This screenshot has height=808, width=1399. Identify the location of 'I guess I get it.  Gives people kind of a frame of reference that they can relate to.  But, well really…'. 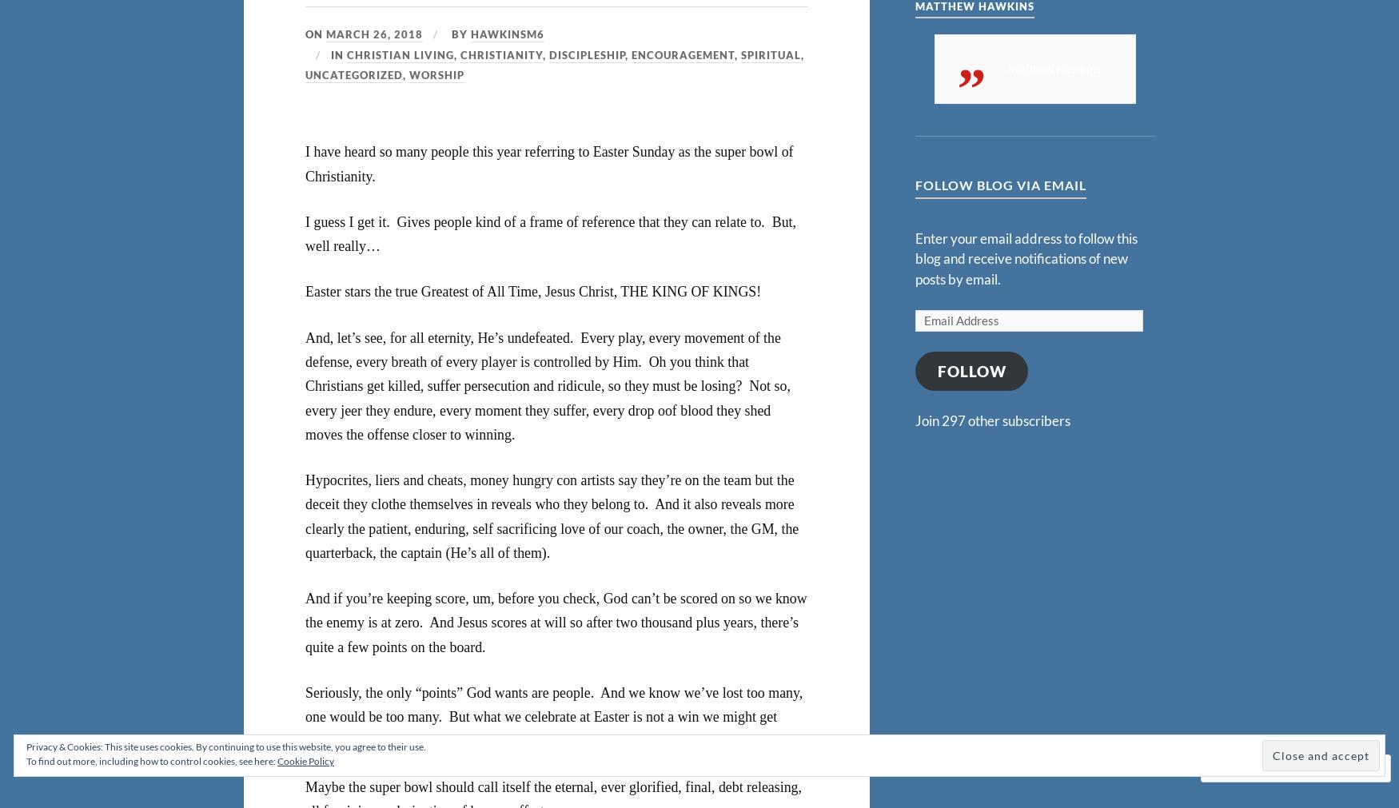
(550, 233).